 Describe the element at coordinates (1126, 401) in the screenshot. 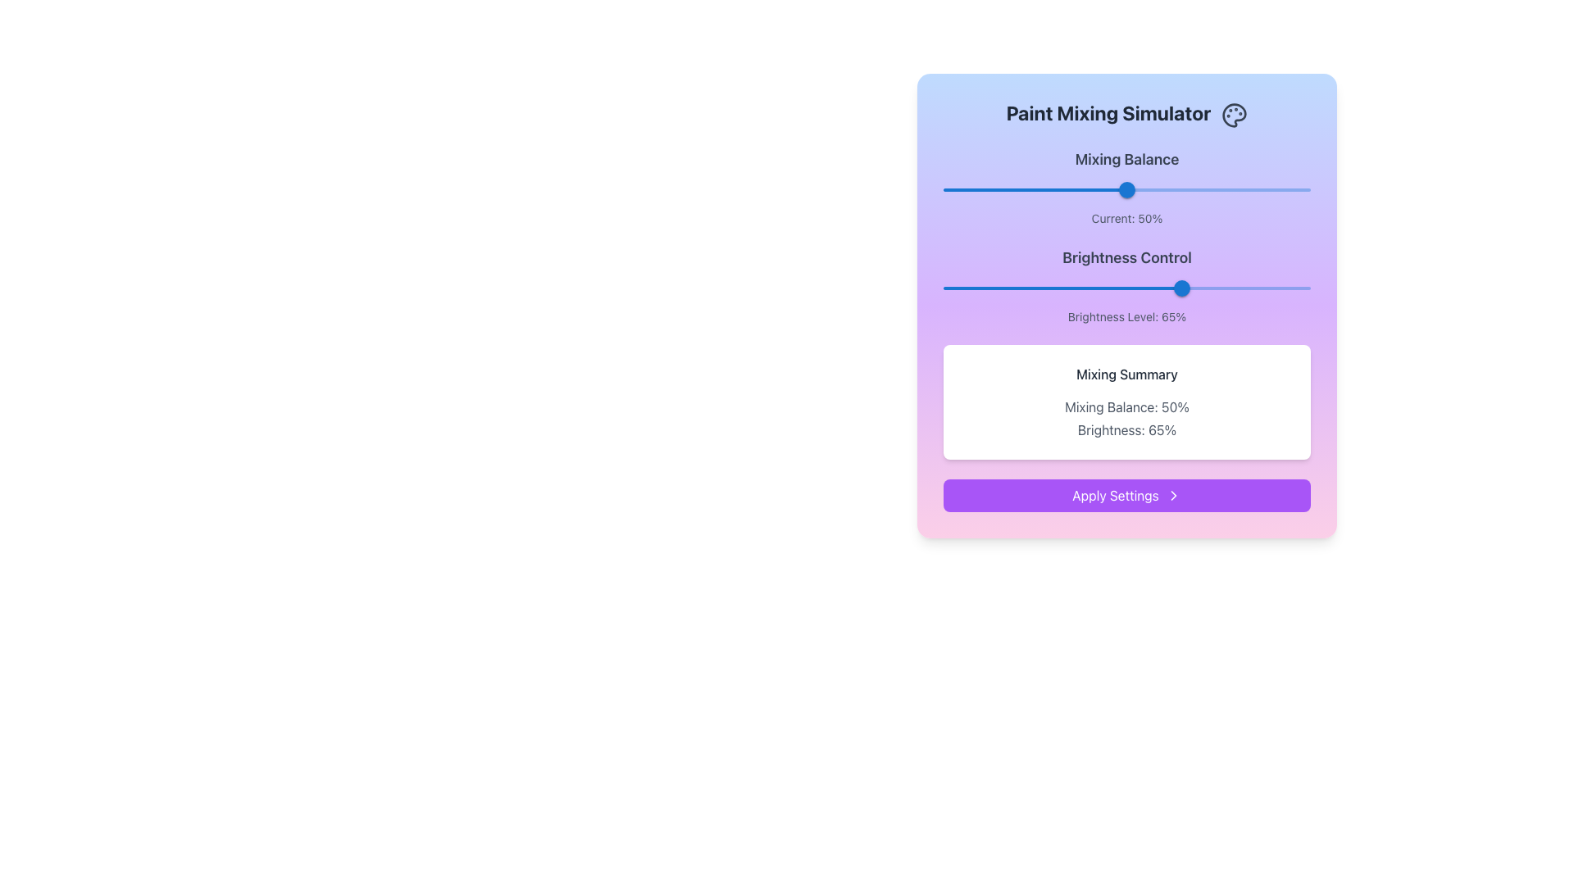

I see `the informational display box that shows the current mixing balance (50%) and brightness level (65%) settings, located beneath the 'Brightness Control' section` at that location.